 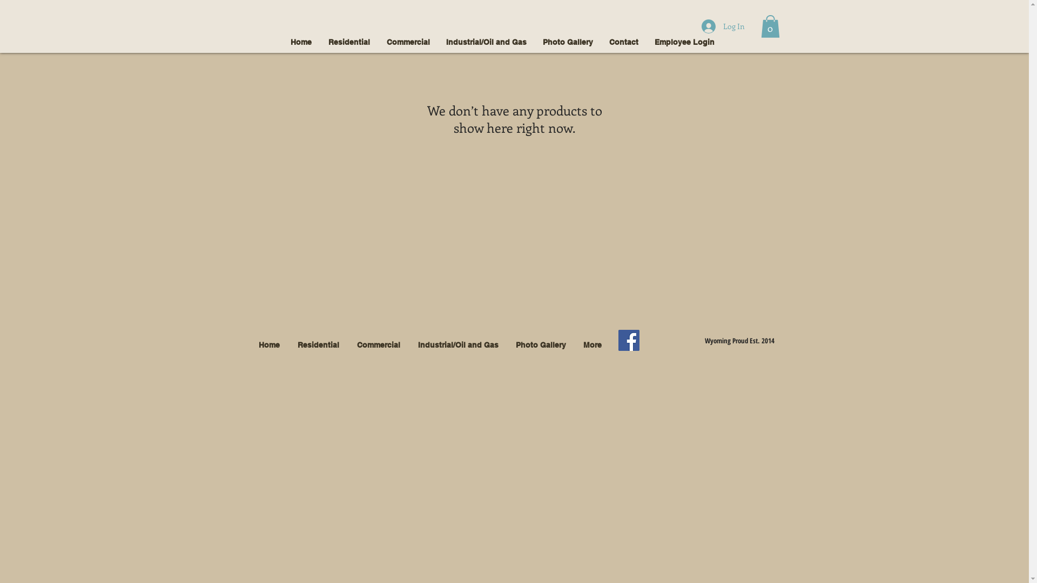 What do you see at coordinates (407, 41) in the screenshot?
I see `'Commercial'` at bounding box center [407, 41].